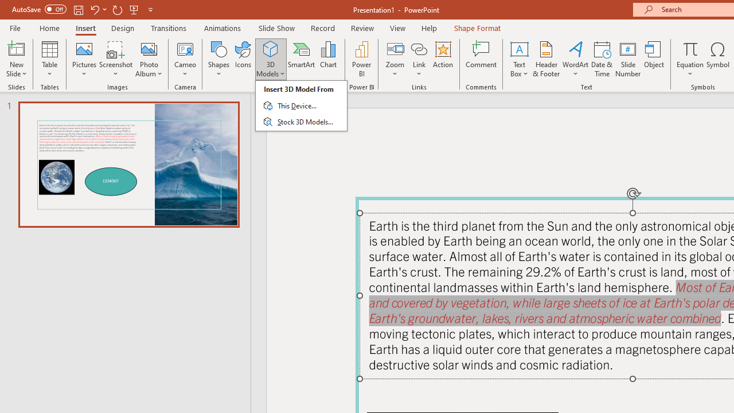 The width and height of the screenshot is (734, 413). What do you see at coordinates (49, 59) in the screenshot?
I see `'Table'` at bounding box center [49, 59].